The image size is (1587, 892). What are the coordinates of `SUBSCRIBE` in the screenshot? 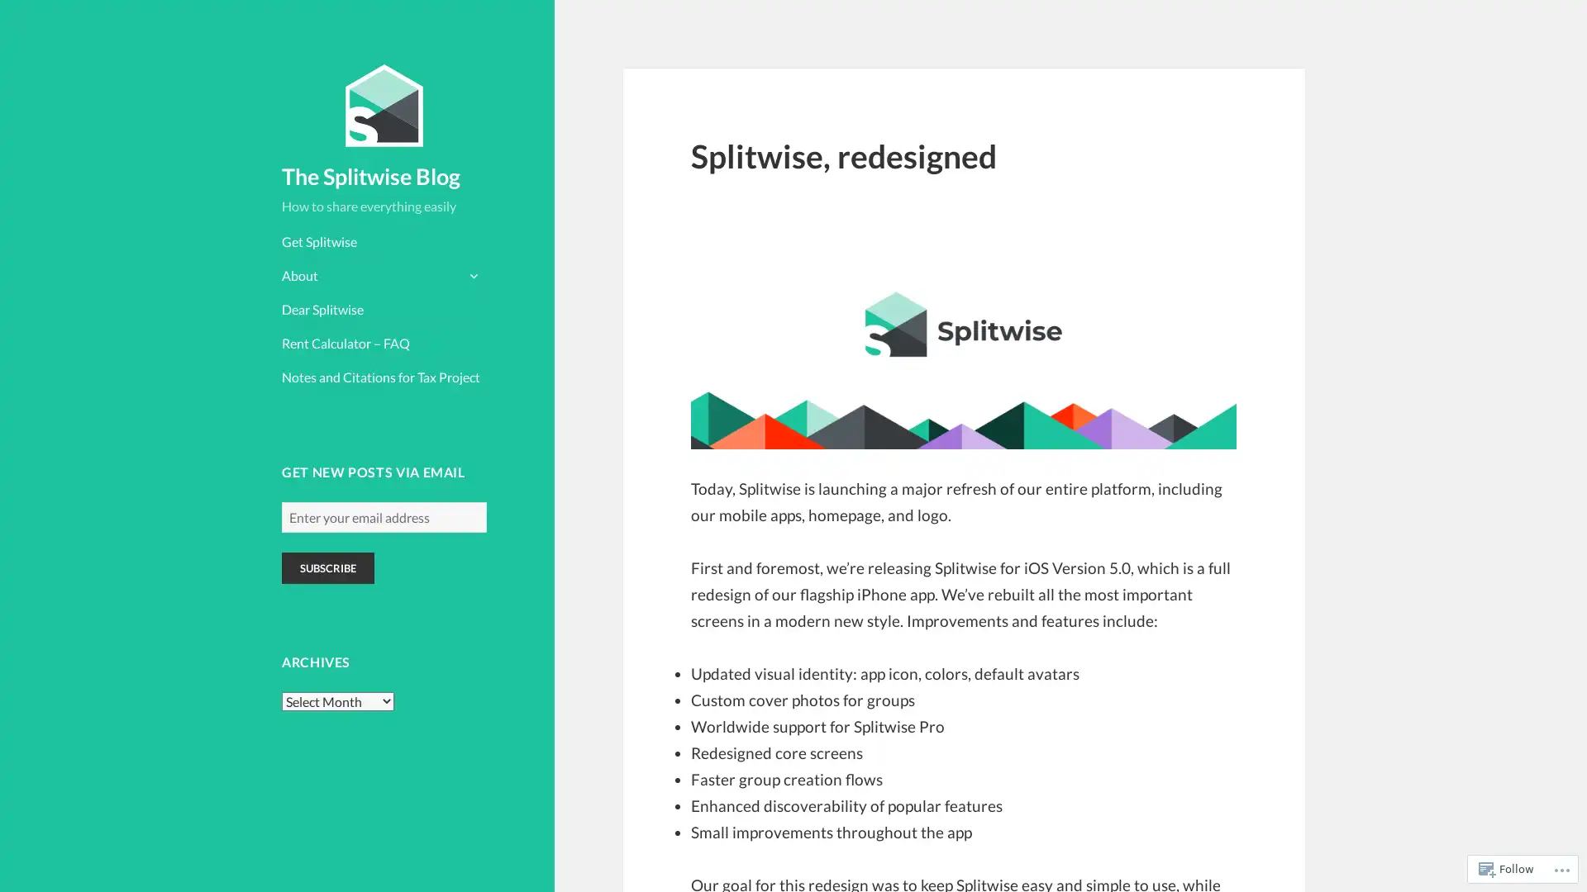 It's located at (328, 567).